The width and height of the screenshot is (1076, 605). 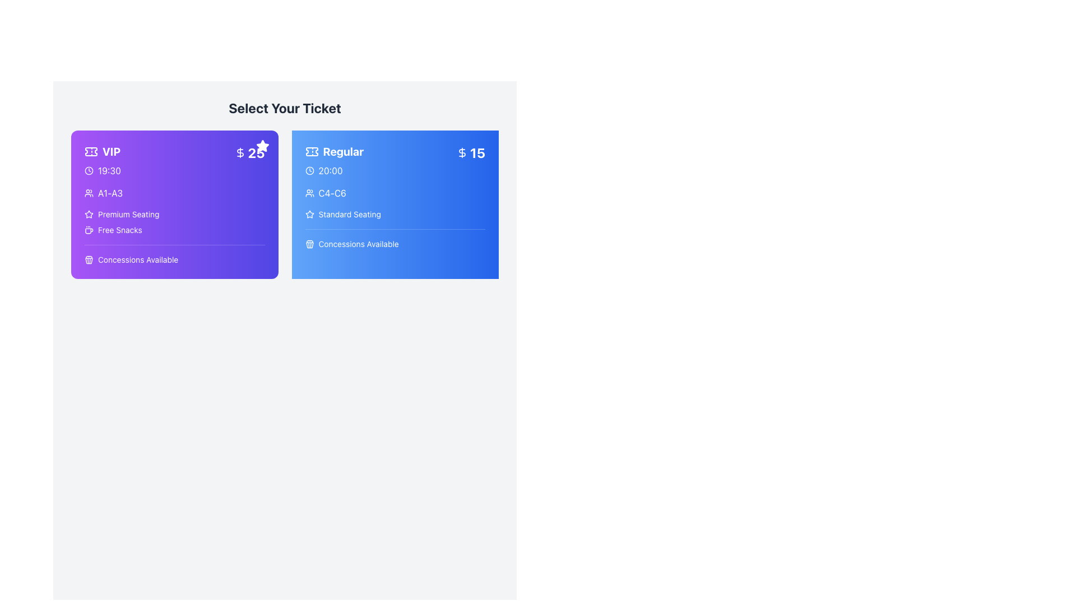 I want to click on the star icon located at the top right corner of the purple 'VIP $25' ticket card, which is distinguished by its symmetrical design and minimal style, so click(x=262, y=145).